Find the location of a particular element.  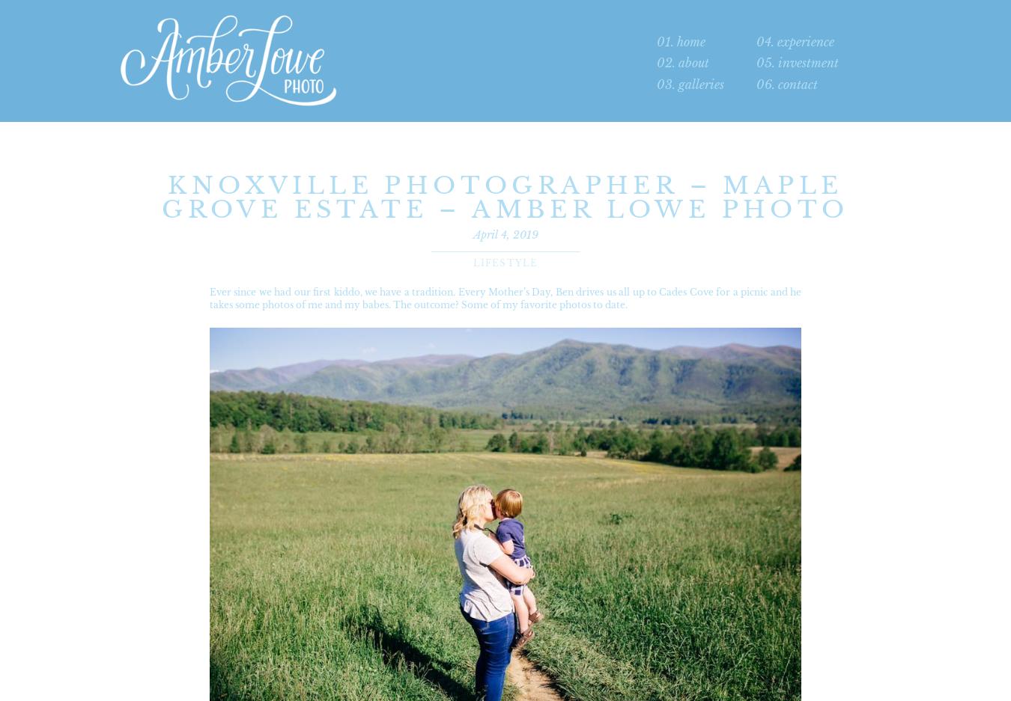

'02. about' is located at coordinates (682, 61).